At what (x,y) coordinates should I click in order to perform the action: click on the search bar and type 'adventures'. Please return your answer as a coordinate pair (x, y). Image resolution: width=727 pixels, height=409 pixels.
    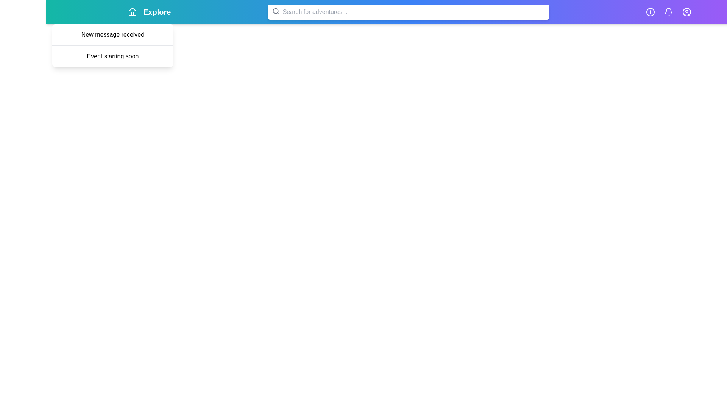
    Looking at the image, I should click on (408, 12).